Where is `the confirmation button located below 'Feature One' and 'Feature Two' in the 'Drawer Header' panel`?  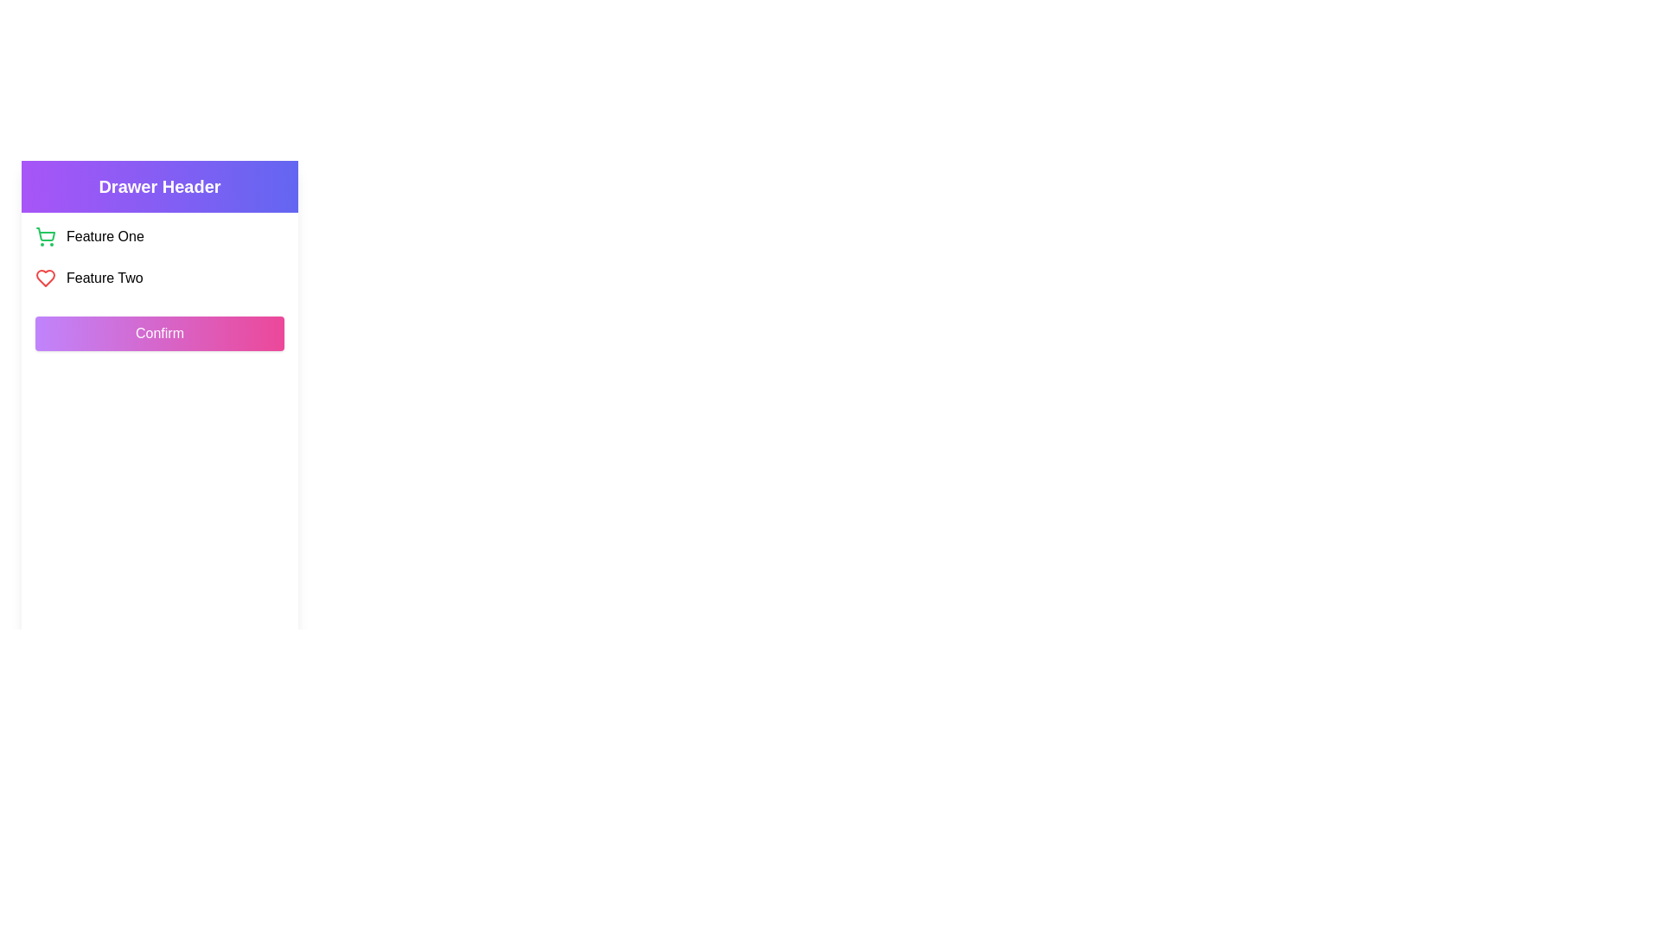 the confirmation button located below 'Feature One' and 'Feature Two' in the 'Drawer Header' panel is located at coordinates (160, 333).